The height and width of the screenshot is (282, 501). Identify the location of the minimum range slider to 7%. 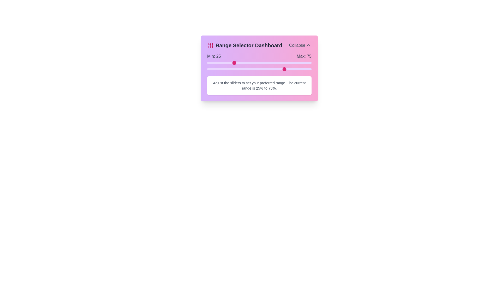
(214, 62).